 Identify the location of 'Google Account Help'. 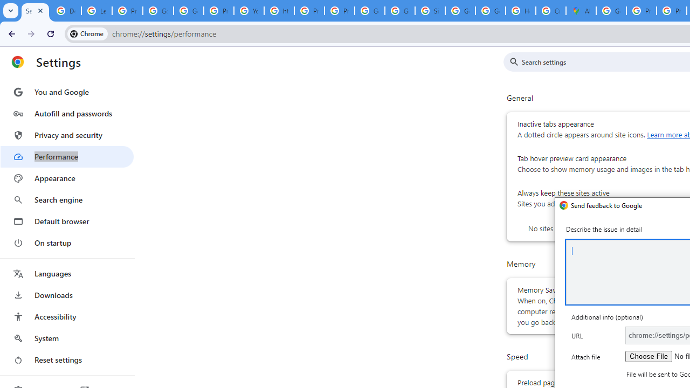
(157, 11).